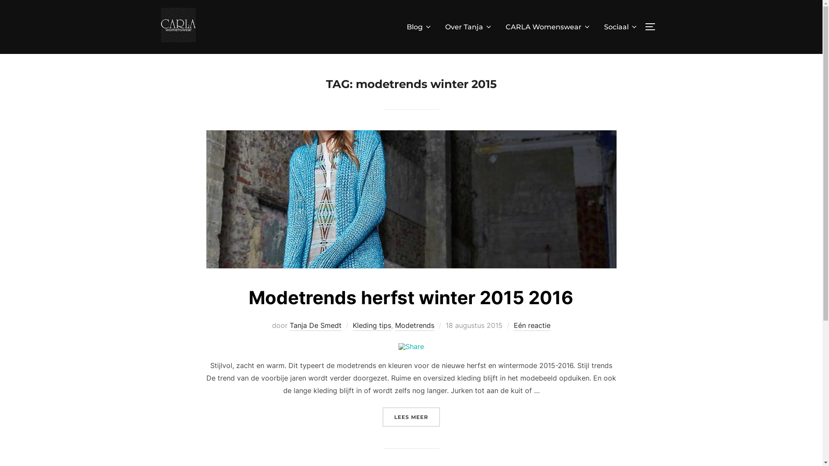 This screenshot has width=829, height=466. I want to click on 'Tanja De Smedt', so click(315, 326).